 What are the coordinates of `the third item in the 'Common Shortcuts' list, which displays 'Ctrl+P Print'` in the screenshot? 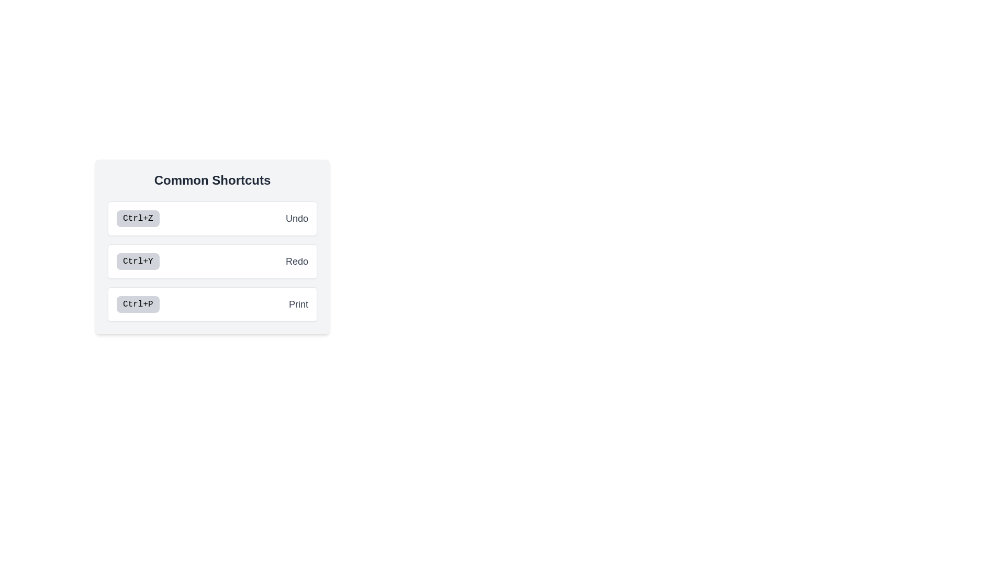 It's located at (212, 304).